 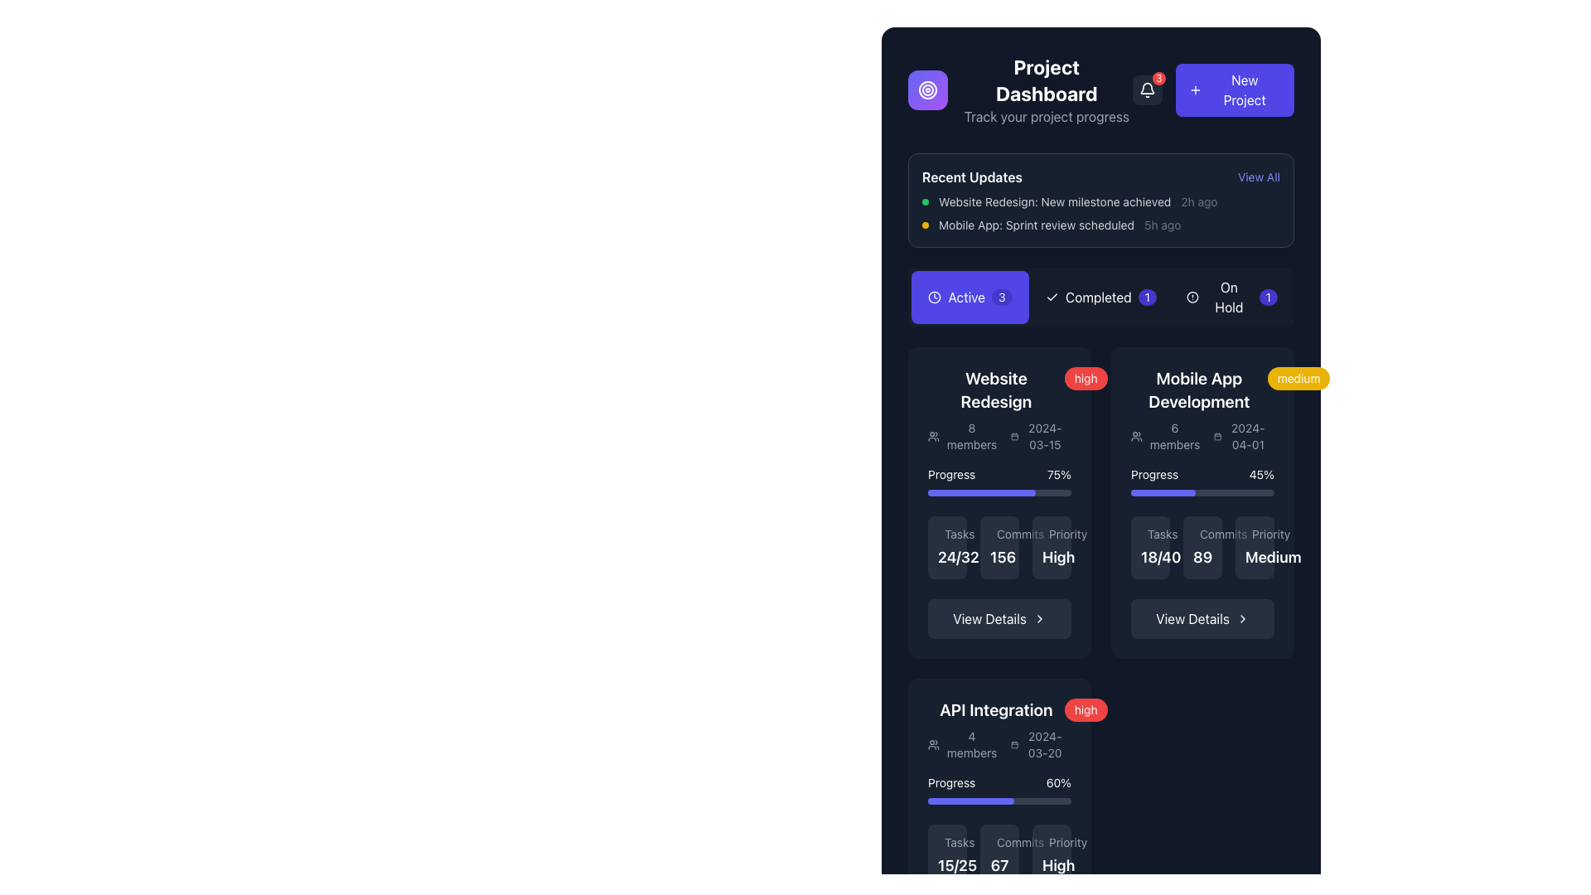 What do you see at coordinates (926, 89) in the screenshot?
I see `the square icon with a gradient background transitioning from indigo to purple, which contains a white concentric target symbol located on the left side of the 'Project Dashboard' header section` at bounding box center [926, 89].